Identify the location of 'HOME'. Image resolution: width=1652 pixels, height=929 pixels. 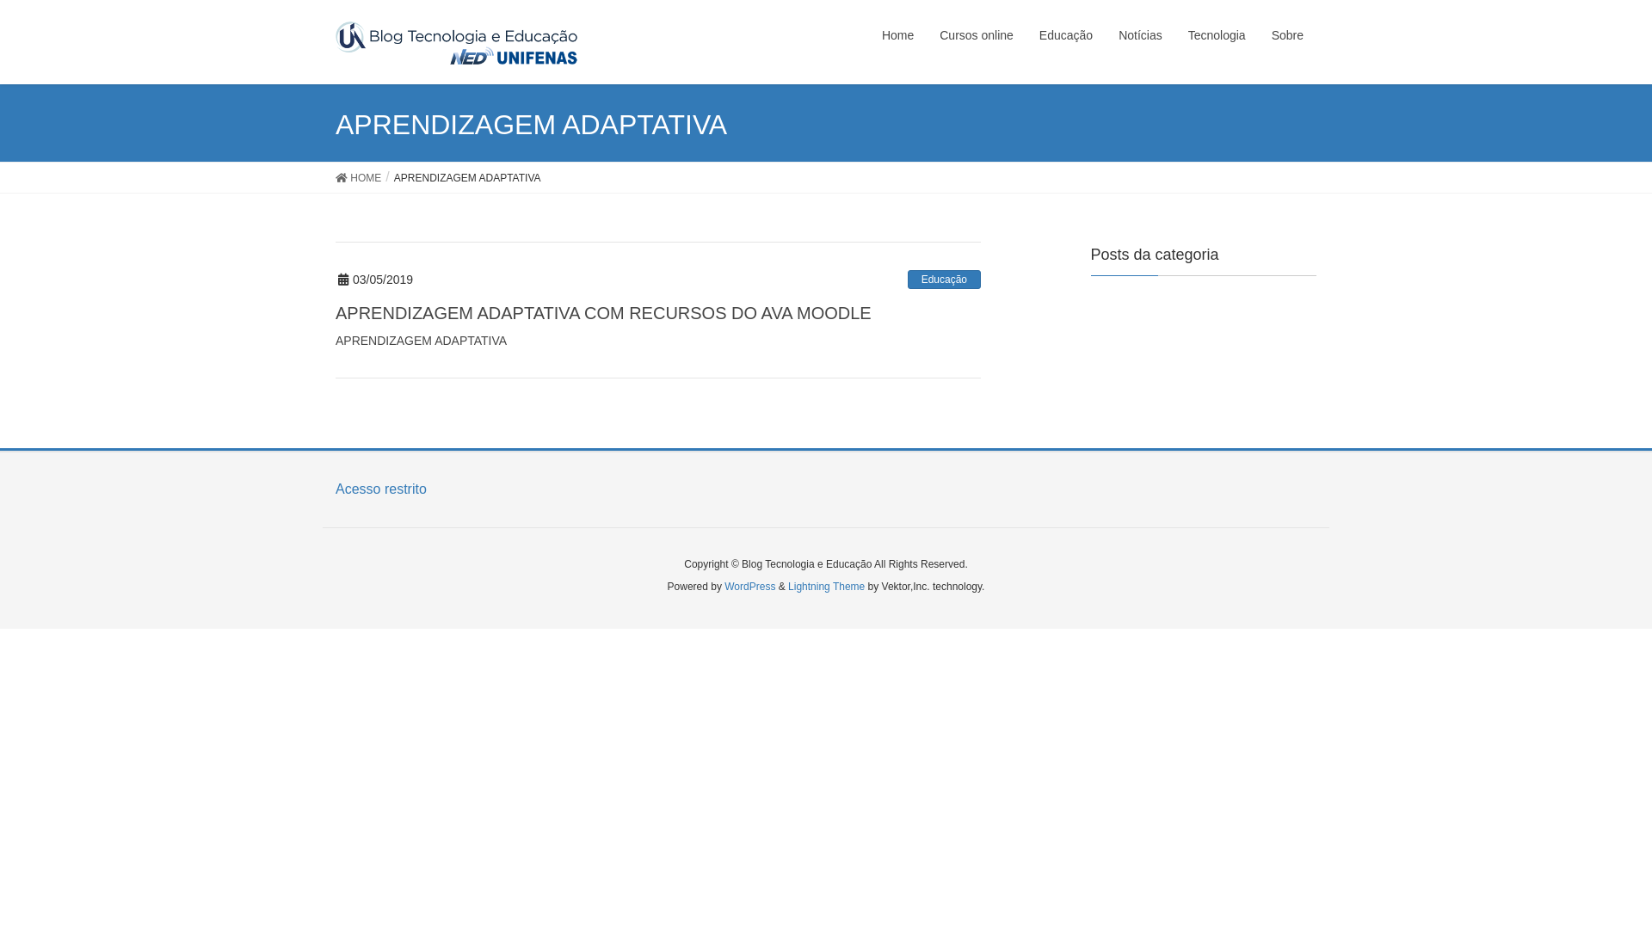
(335, 177).